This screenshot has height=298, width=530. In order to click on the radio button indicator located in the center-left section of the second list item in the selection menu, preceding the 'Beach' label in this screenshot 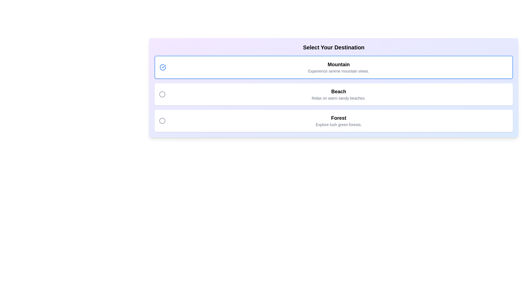, I will do `click(162, 94)`.